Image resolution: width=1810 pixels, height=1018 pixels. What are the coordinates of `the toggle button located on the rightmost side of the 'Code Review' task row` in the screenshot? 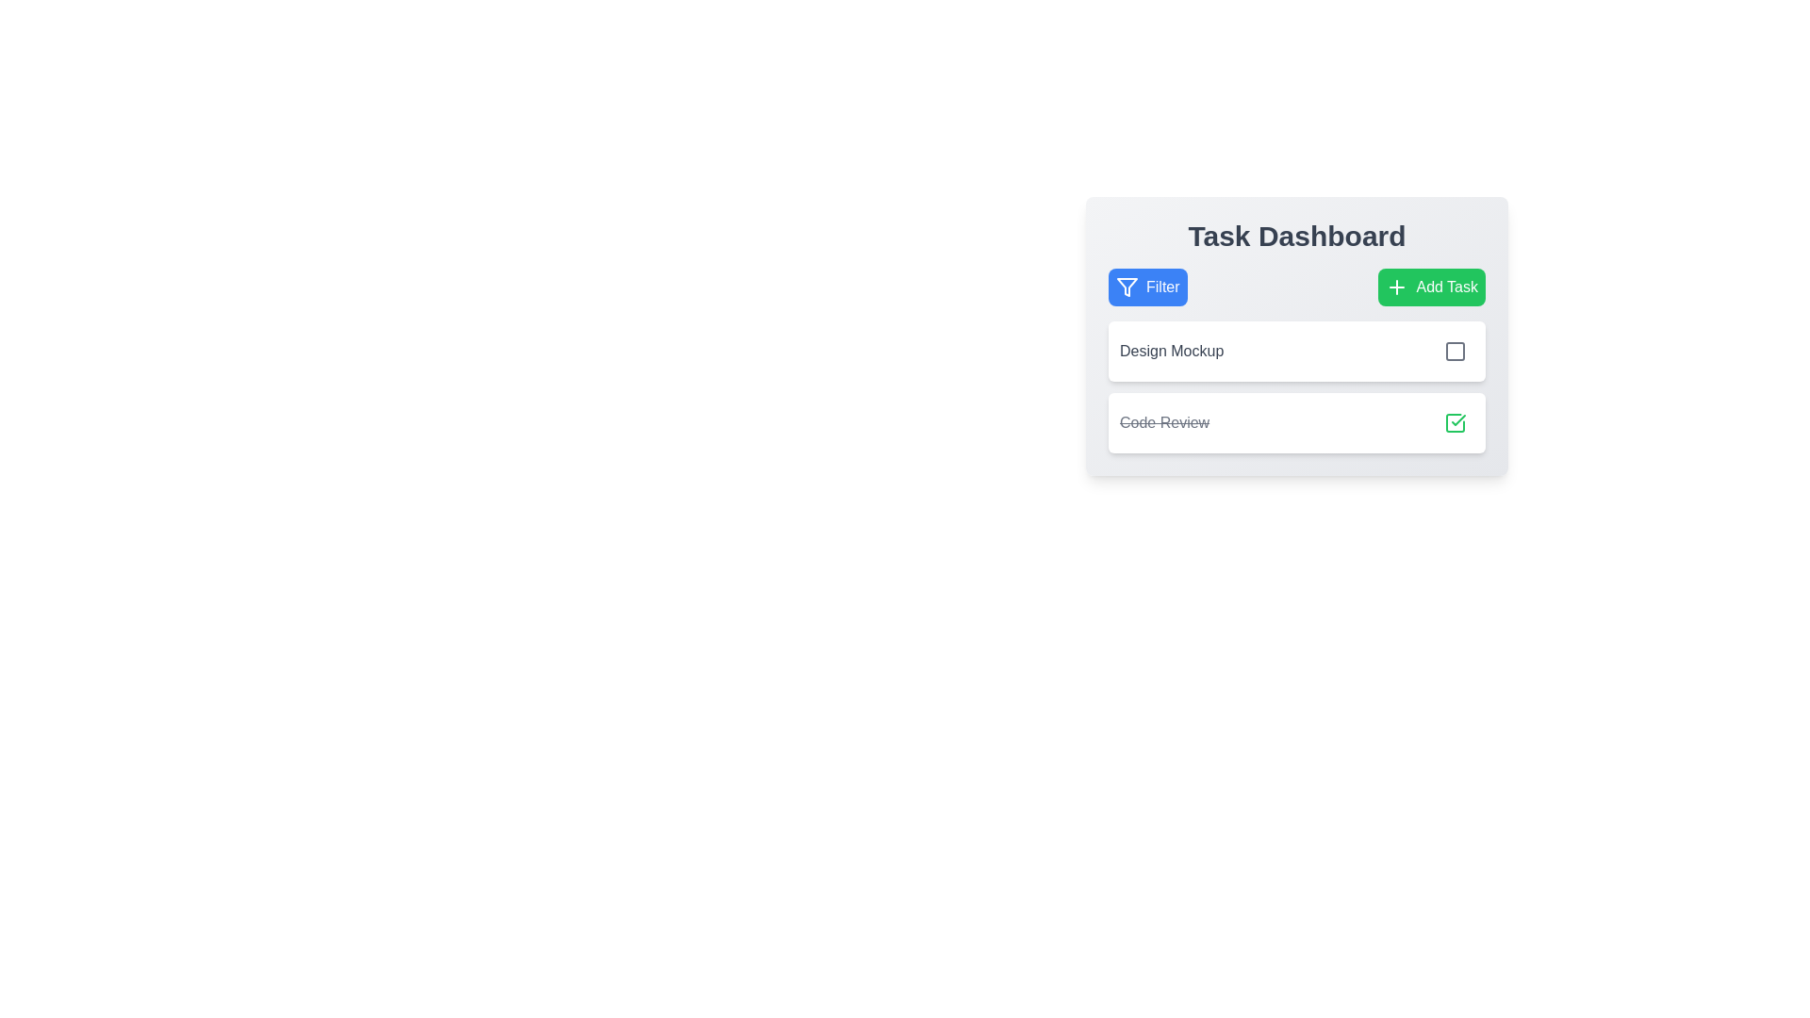 It's located at (1455, 421).